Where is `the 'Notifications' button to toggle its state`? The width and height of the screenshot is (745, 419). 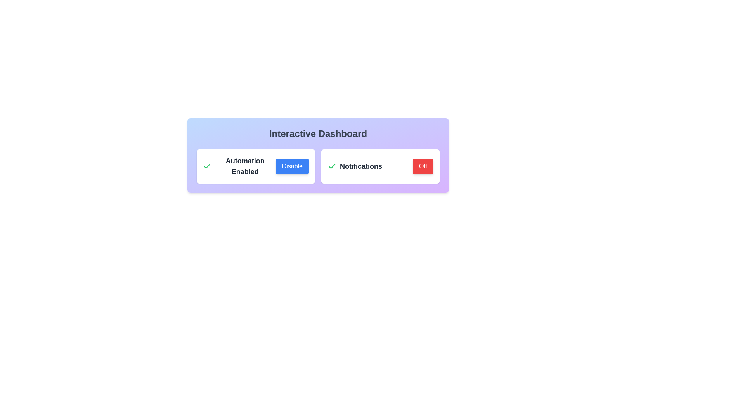 the 'Notifications' button to toggle its state is located at coordinates (422, 166).